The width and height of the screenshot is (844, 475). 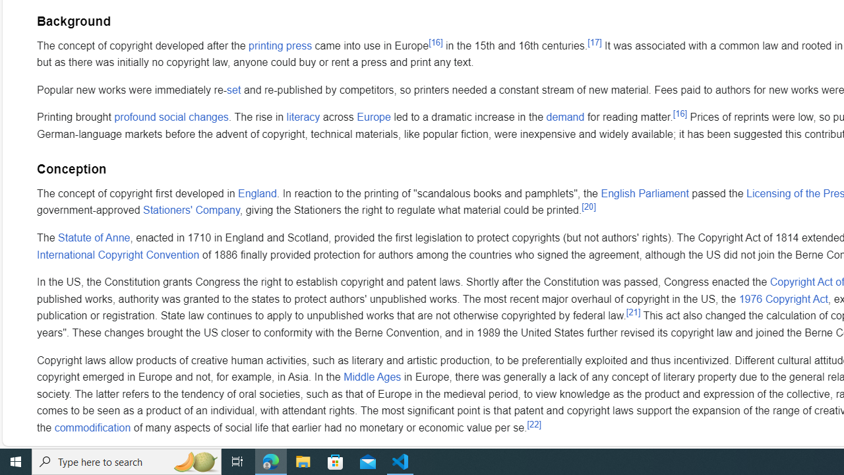 What do you see at coordinates (170, 117) in the screenshot?
I see `'profound social changes'` at bounding box center [170, 117].